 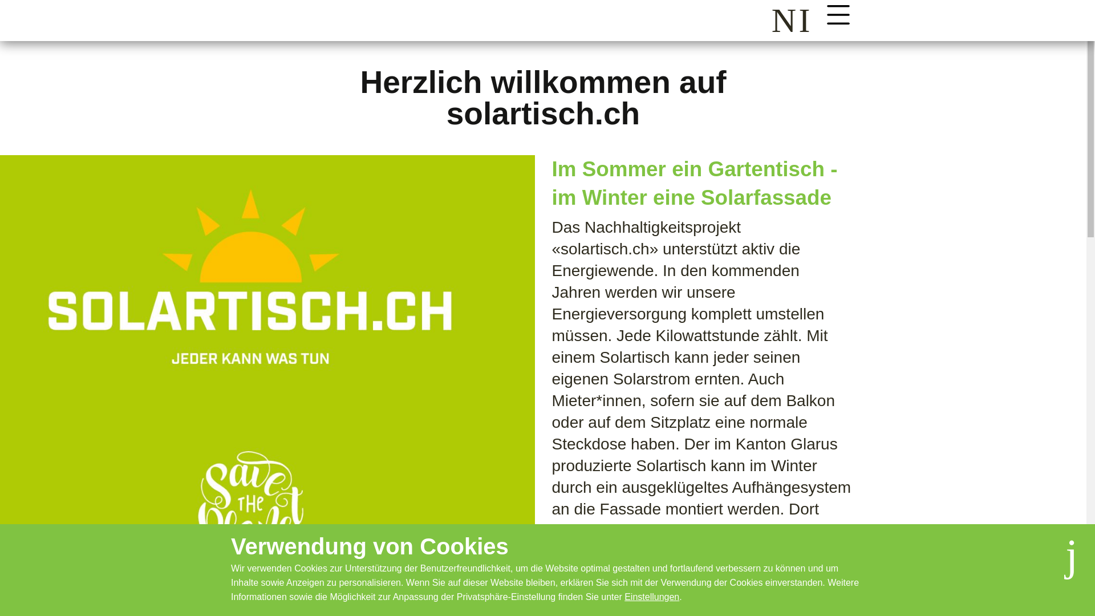 I want to click on 'Einstellungen', so click(x=651, y=596).